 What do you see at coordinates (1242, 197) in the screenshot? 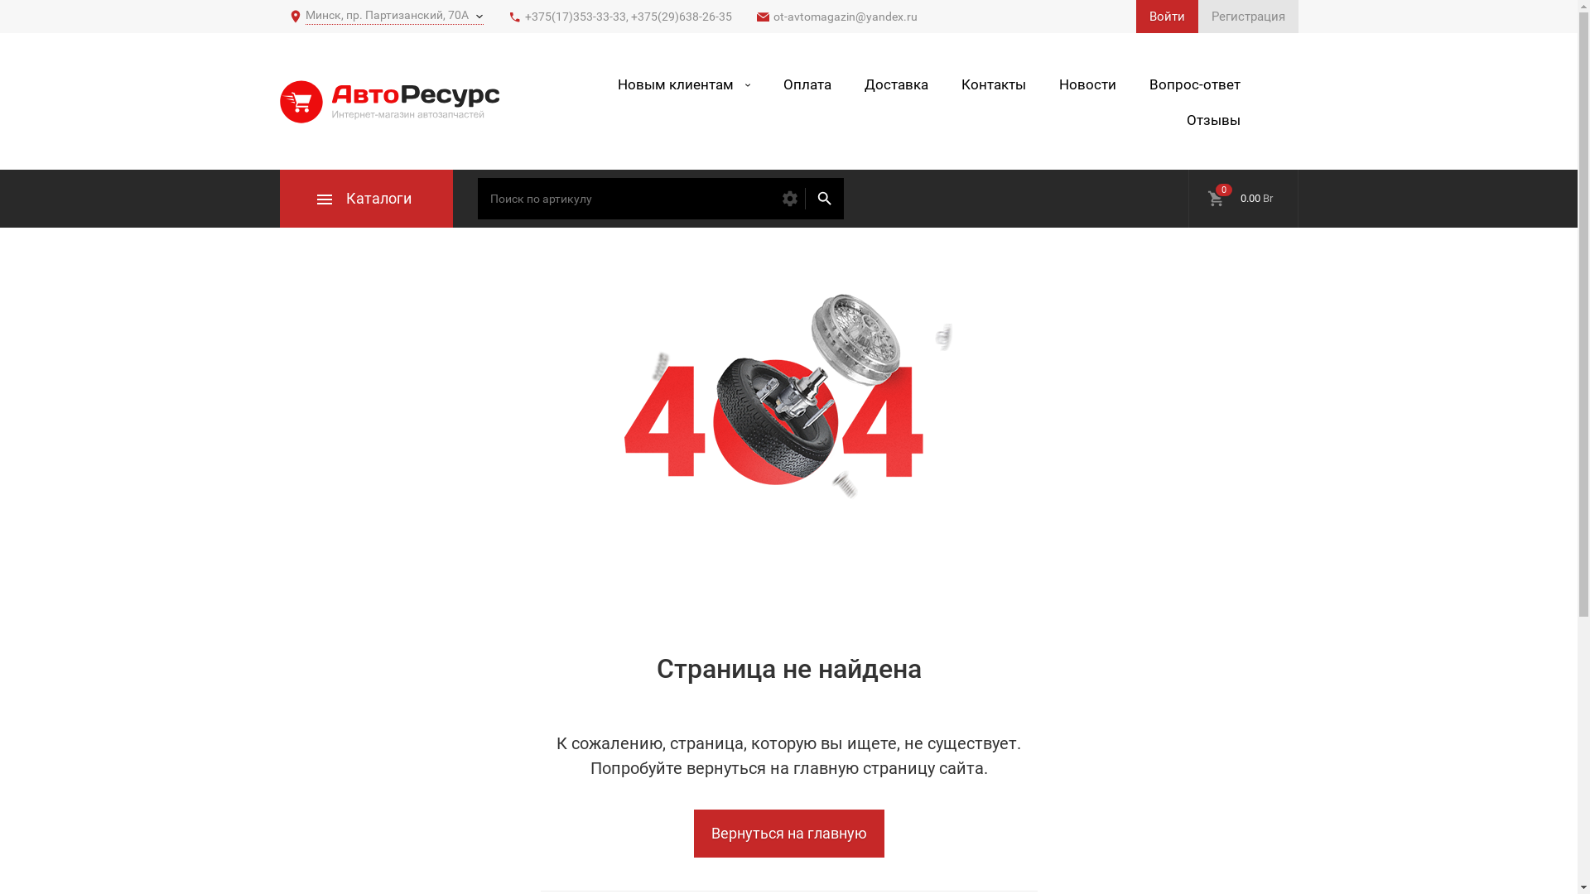
I see `'0` at bounding box center [1242, 197].